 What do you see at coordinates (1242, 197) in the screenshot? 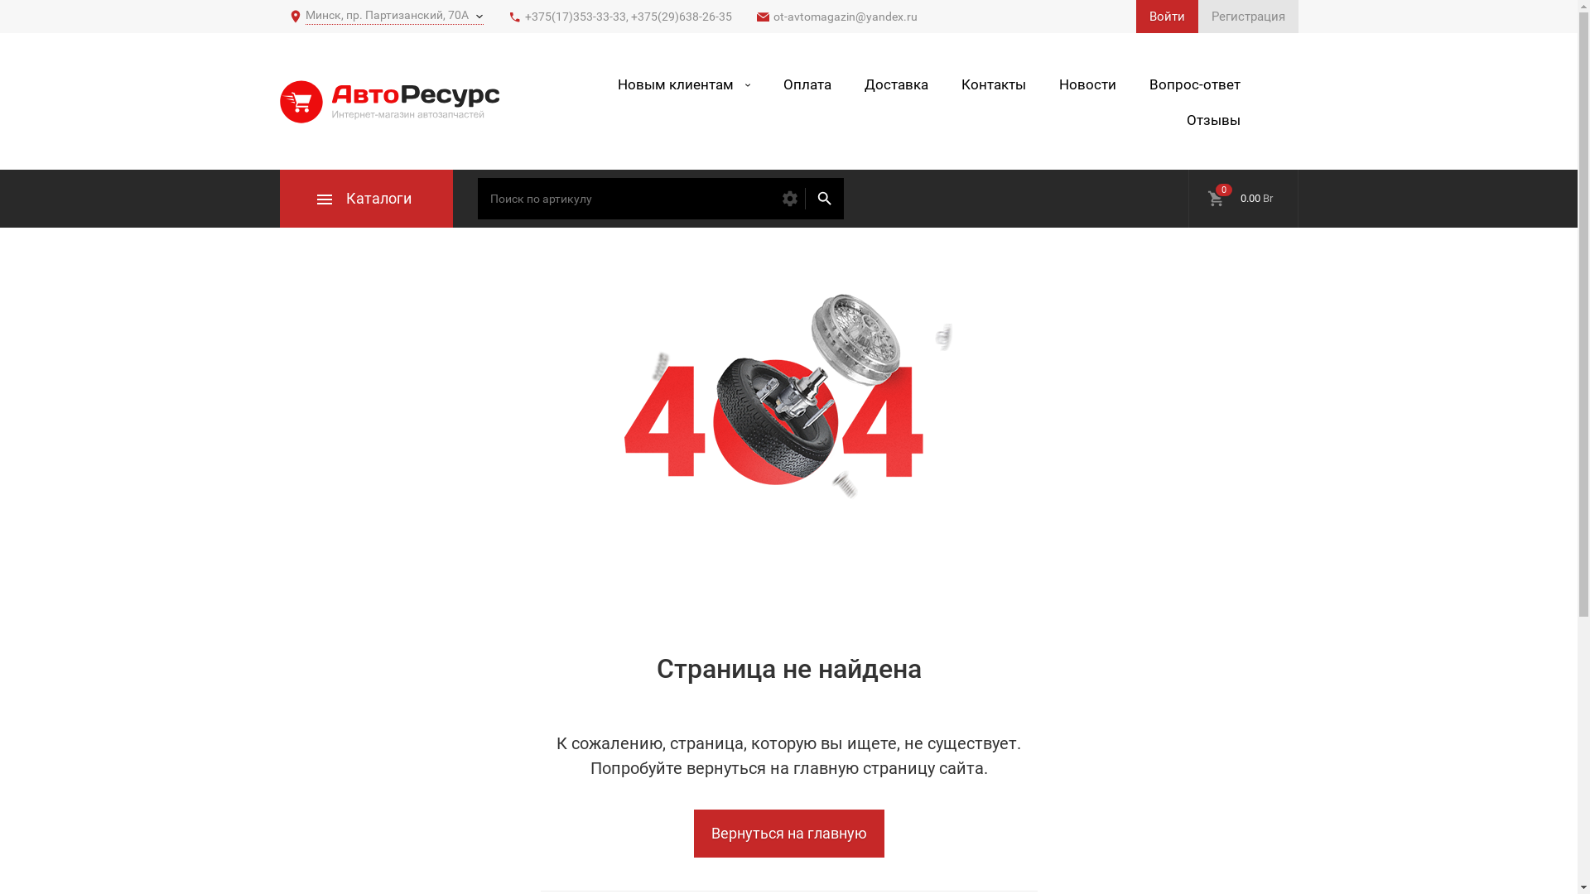
I see `'0` at bounding box center [1242, 197].